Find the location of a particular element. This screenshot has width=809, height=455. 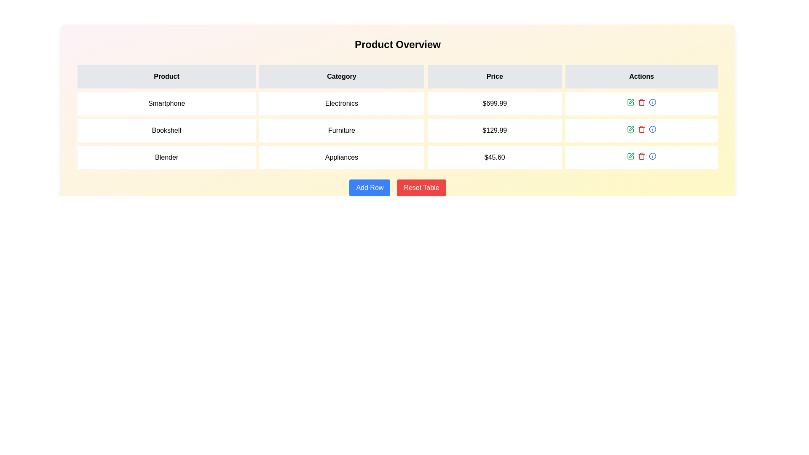

the Table Header labeled 'Product', which is a rectangular section with a light gray background and black bold text, located at the top left of the grid's header row is located at coordinates (166, 76).